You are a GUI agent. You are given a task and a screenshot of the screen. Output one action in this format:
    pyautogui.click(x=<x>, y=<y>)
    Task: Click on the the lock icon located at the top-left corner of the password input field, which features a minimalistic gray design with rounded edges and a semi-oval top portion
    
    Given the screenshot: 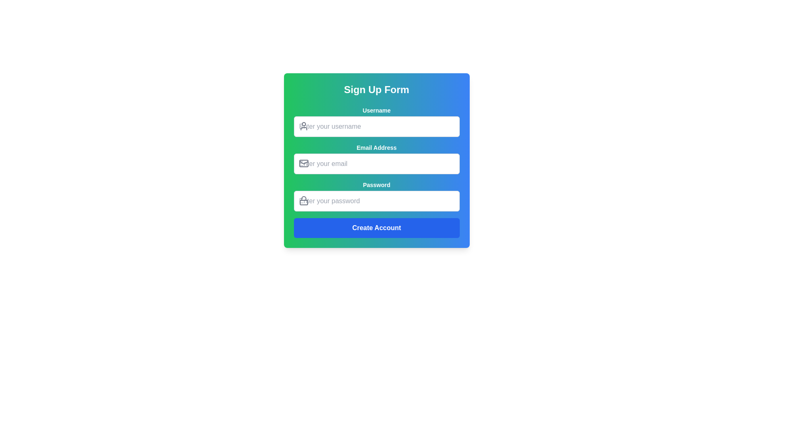 What is the action you would take?
    pyautogui.click(x=303, y=201)
    